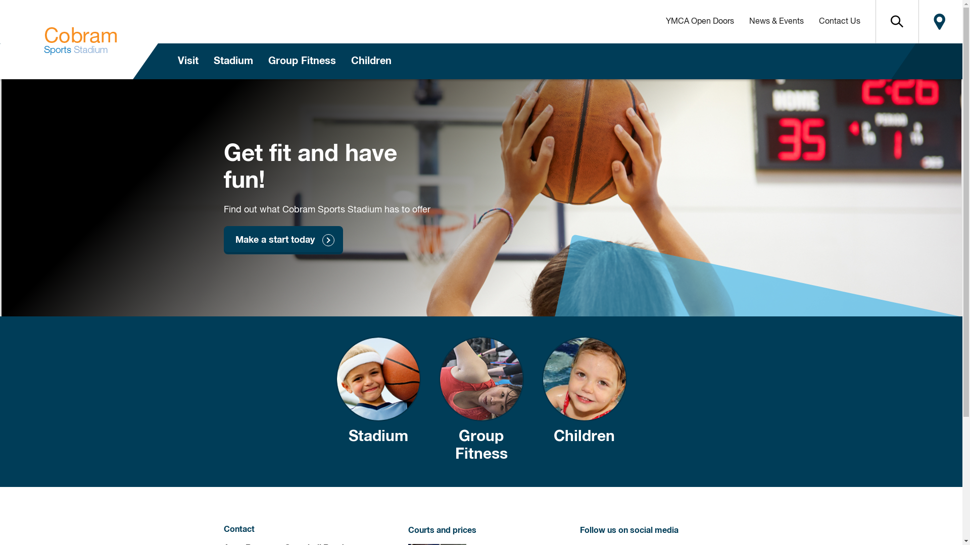 The width and height of the screenshot is (970, 545). I want to click on 'Contact Us', so click(839, 21).